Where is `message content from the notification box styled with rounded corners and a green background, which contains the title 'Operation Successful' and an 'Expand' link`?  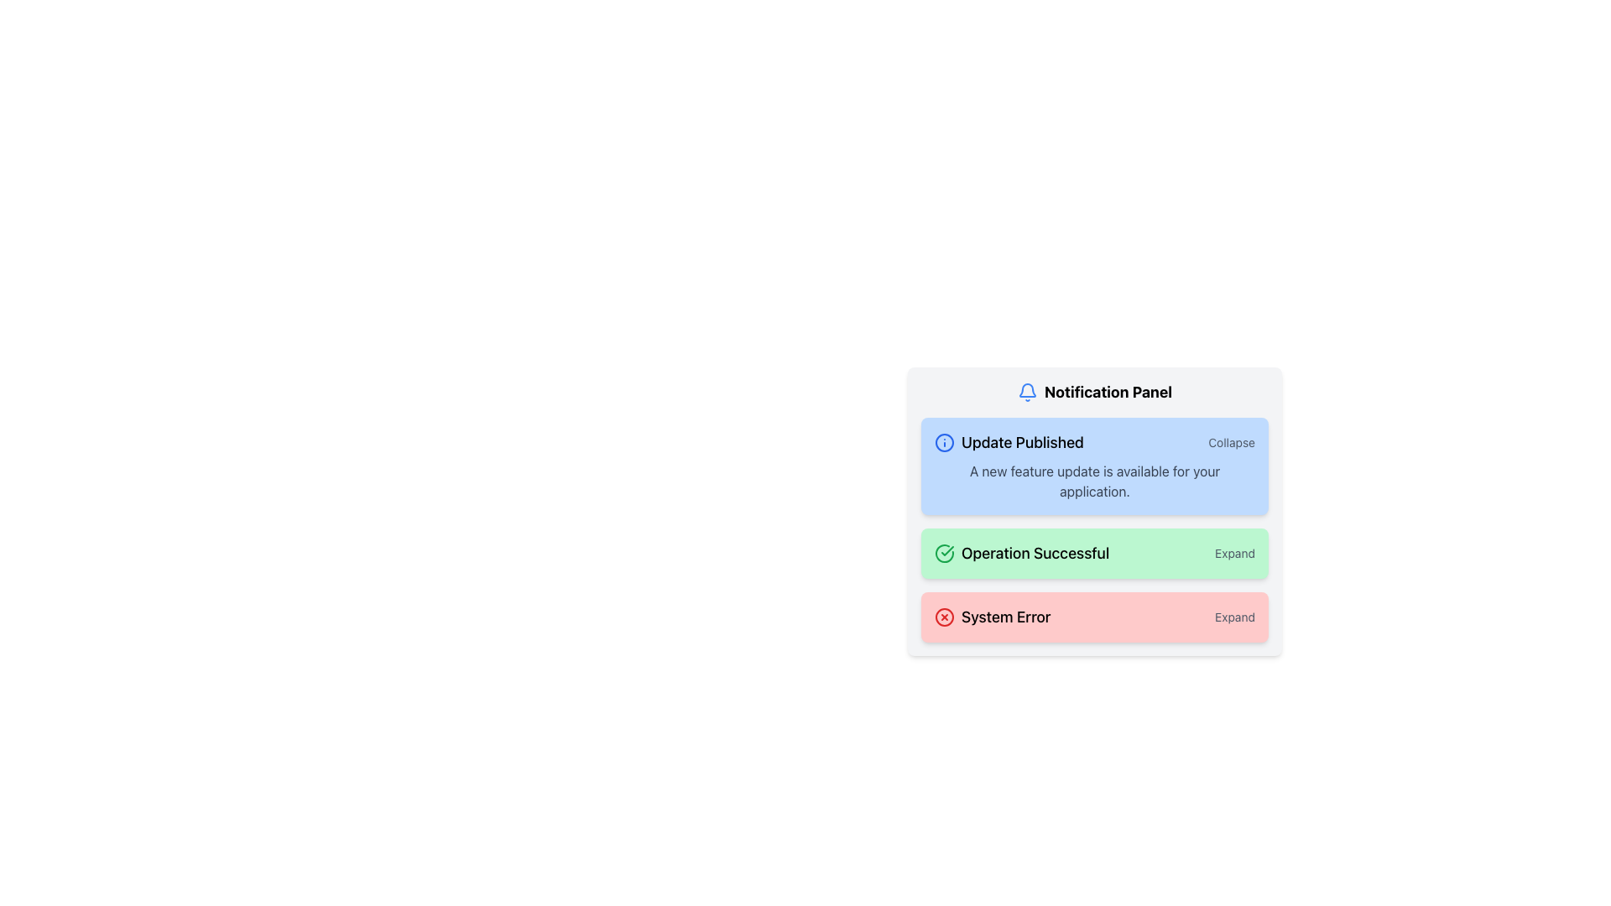
message content from the notification box styled with rounded corners and a green background, which contains the title 'Operation Successful' and an 'Expand' link is located at coordinates (1095, 553).